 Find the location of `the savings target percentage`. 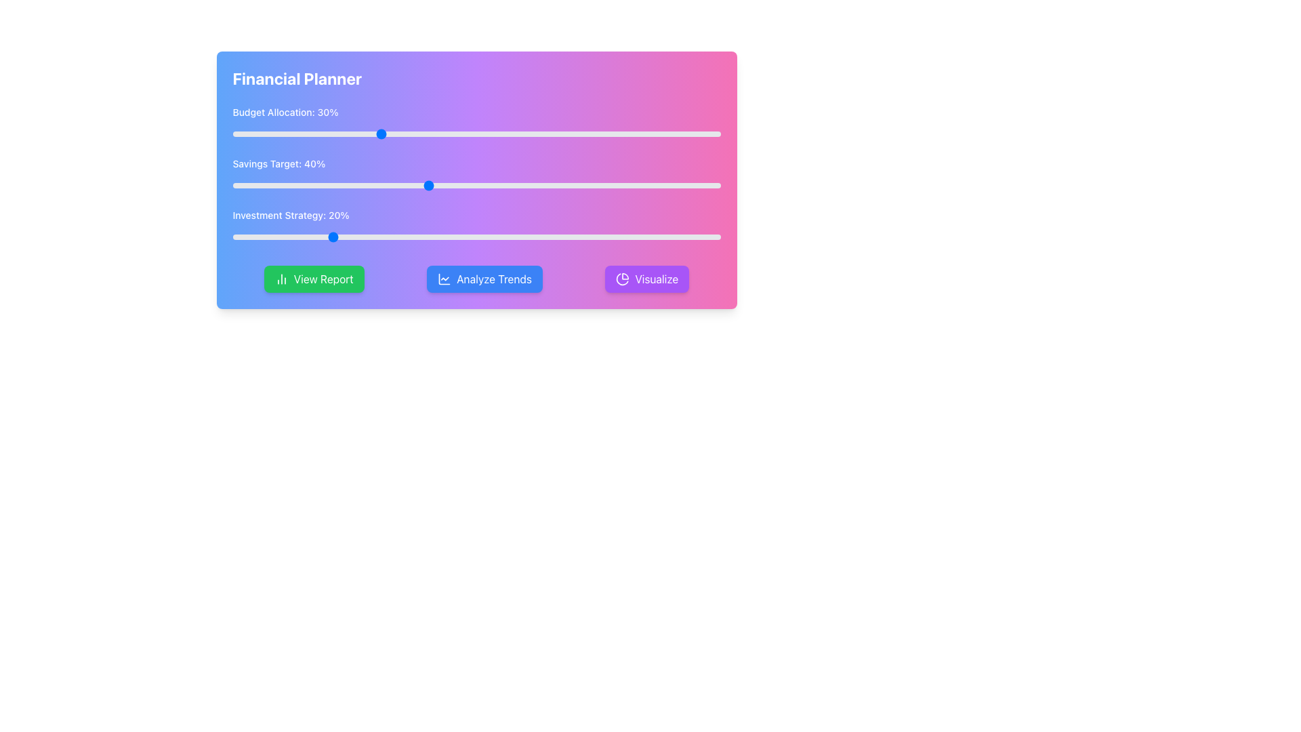

the savings target percentage is located at coordinates (325, 185).